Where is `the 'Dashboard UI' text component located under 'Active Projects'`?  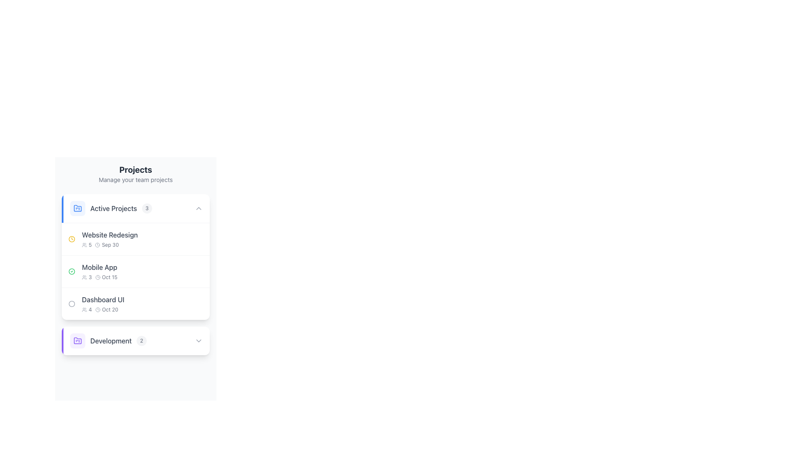 the 'Dashboard UI' text component located under 'Active Projects' is located at coordinates (103, 304).